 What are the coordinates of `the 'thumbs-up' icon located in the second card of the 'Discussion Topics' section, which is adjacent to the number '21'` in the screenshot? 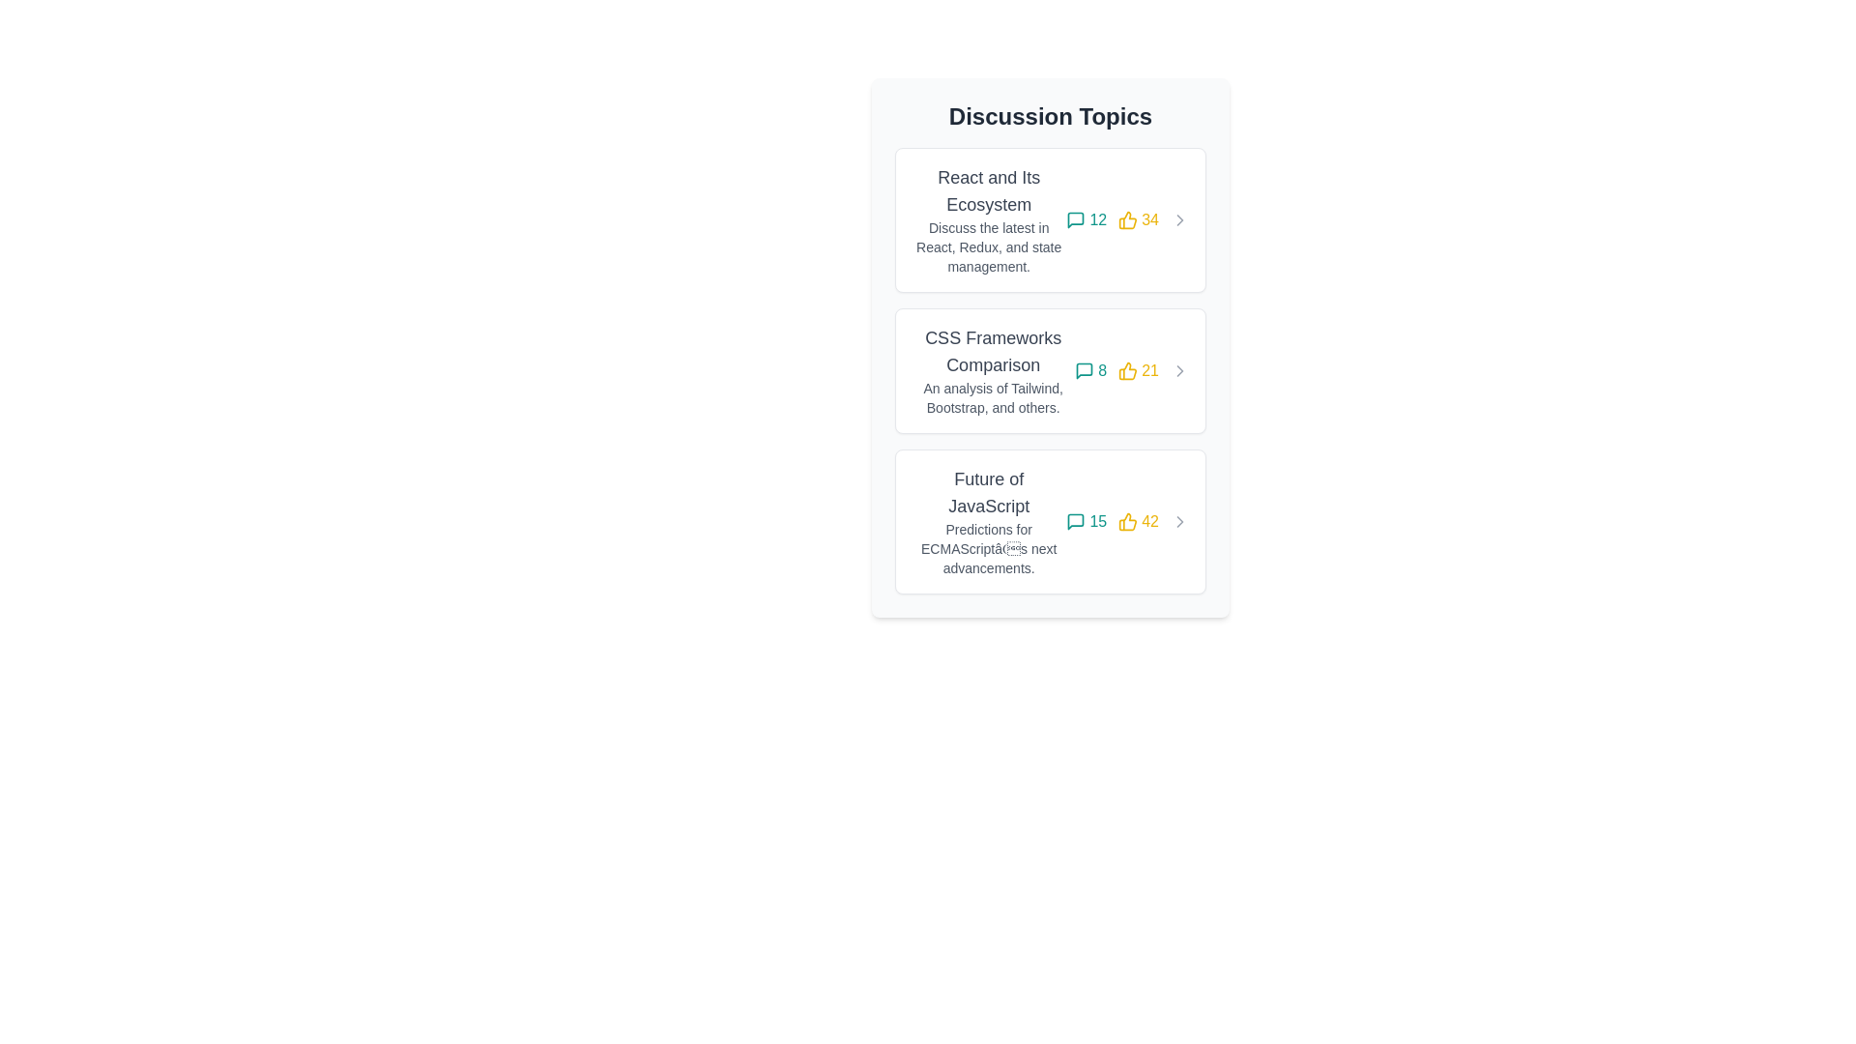 It's located at (1128, 371).